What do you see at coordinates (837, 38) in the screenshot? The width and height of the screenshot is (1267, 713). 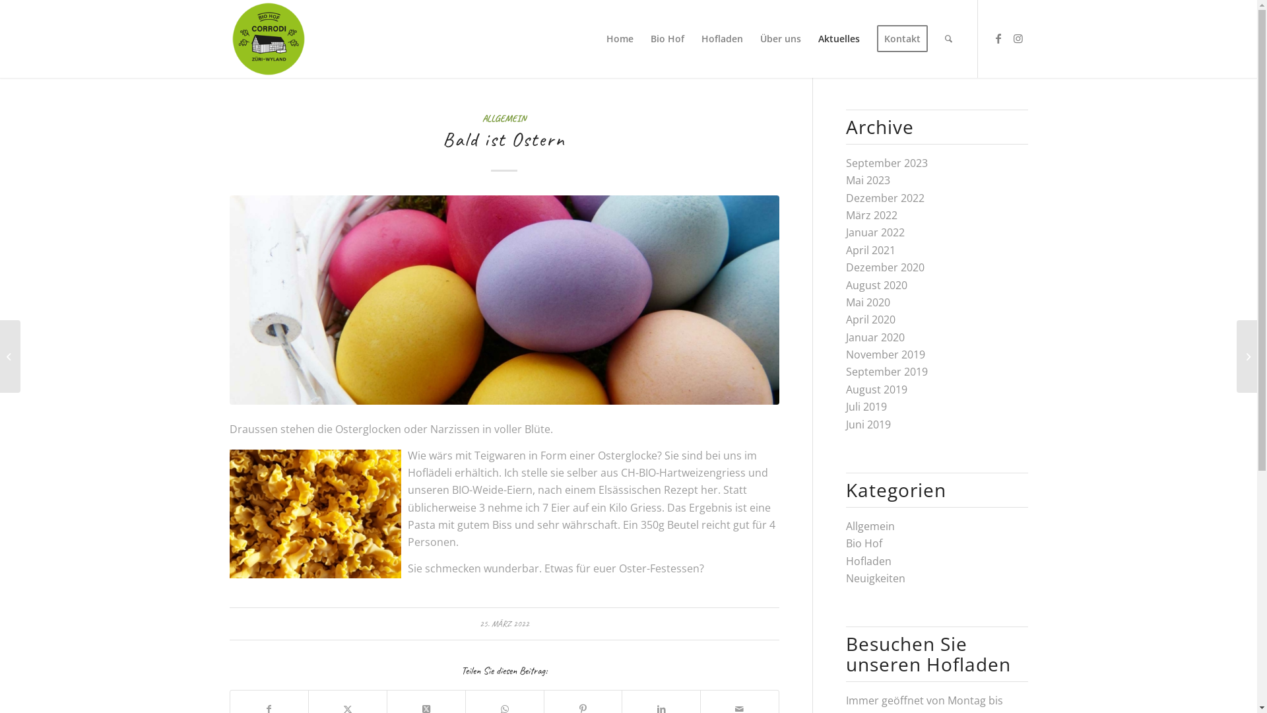 I see `'Aktuelles'` at bounding box center [837, 38].